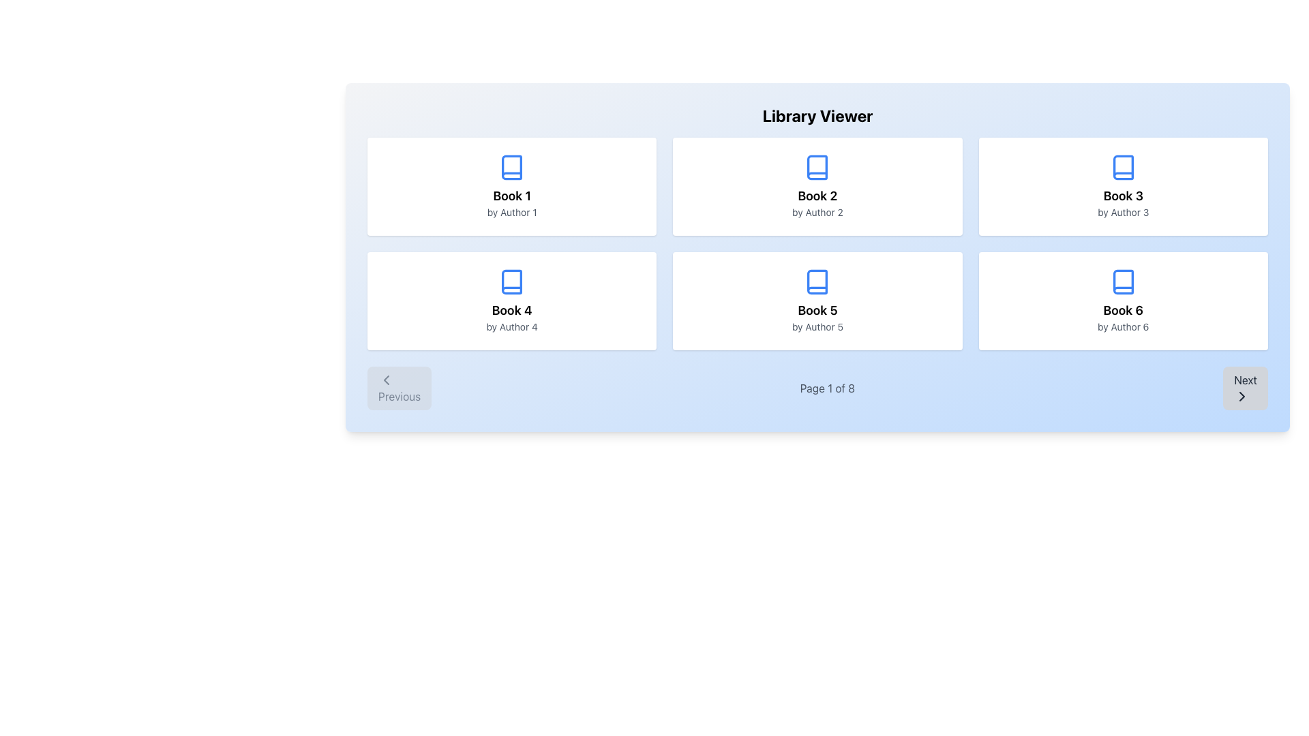  I want to click on the text label displaying 'Book 5' in bold, located within the card layout for 'Book 5' by 'Author 5', in the second row and third column of the grid, so click(817, 310).